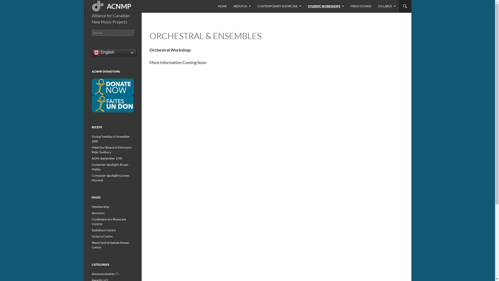 The image size is (499, 281). What do you see at coordinates (114, 52) in the screenshot?
I see `'English'` at bounding box center [114, 52].